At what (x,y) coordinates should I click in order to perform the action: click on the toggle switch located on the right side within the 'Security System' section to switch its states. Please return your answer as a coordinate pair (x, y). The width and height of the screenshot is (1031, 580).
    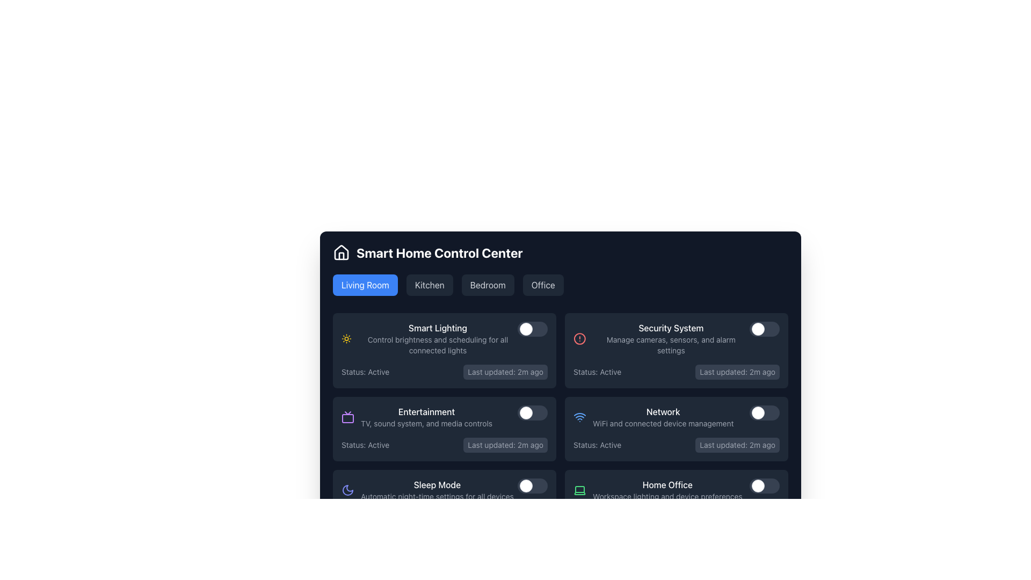
    Looking at the image, I should click on (764, 329).